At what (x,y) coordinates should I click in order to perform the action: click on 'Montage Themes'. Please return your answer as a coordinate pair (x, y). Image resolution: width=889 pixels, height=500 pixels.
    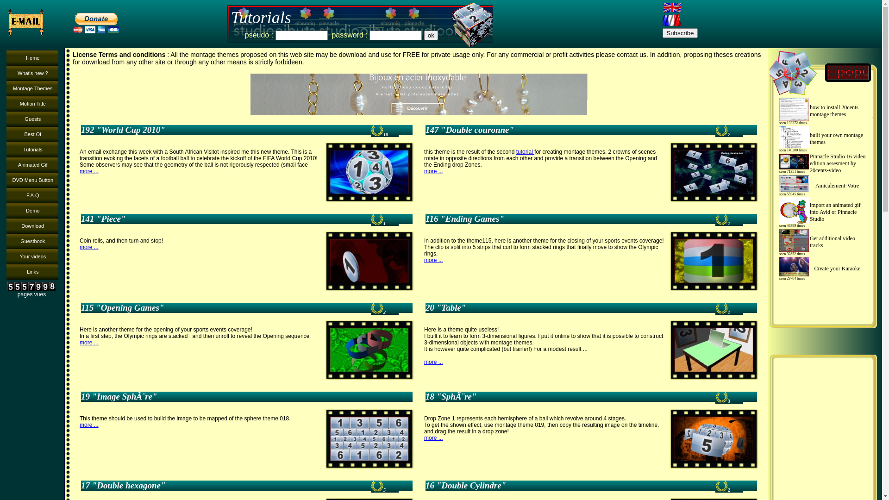
    Looking at the image, I should click on (32, 88).